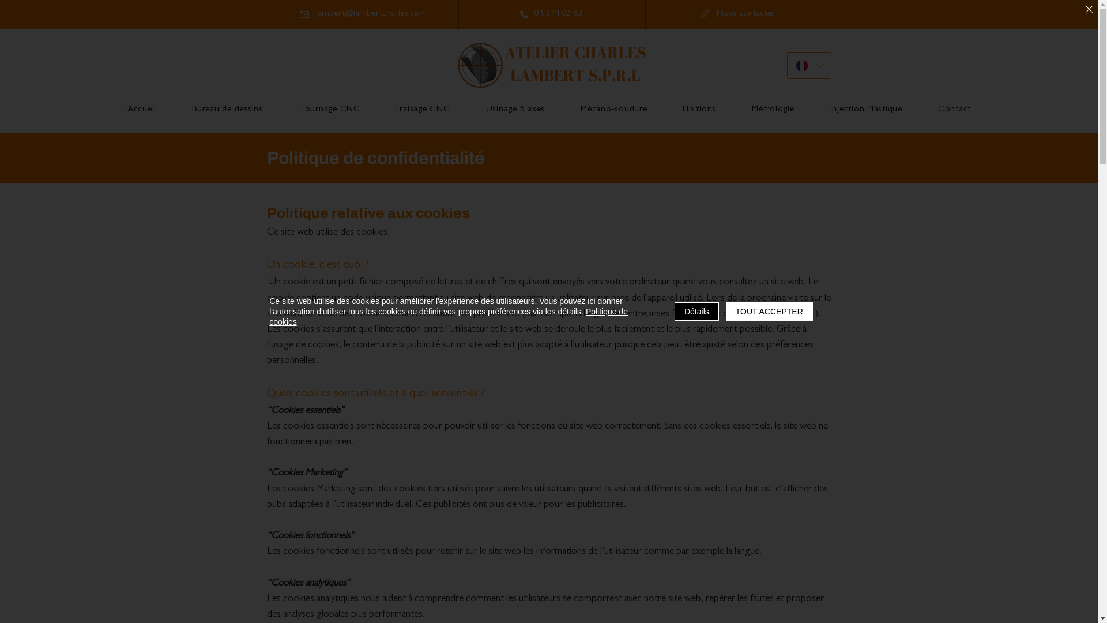 The width and height of the screenshot is (1107, 623). I want to click on 'Accueil', so click(141, 110).